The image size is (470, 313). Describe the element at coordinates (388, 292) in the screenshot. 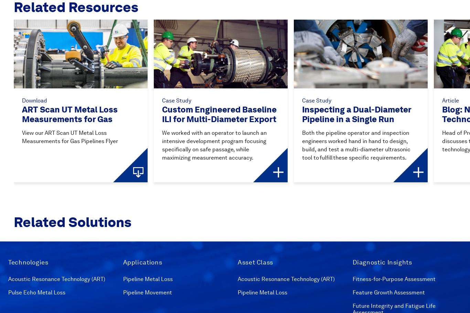

I see `'Feature Growth Assessment'` at that location.